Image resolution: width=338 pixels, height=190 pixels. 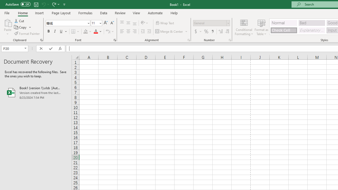 I want to click on 'Format Cell Number', so click(x=230, y=40).